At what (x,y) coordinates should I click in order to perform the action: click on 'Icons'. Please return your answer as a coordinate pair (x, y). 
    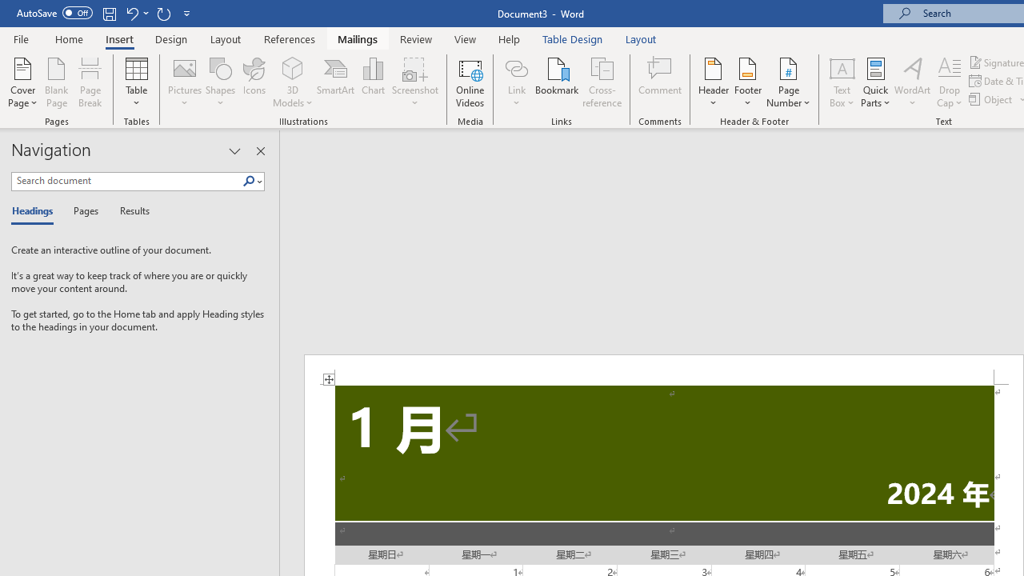
    Looking at the image, I should click on (254, 82).